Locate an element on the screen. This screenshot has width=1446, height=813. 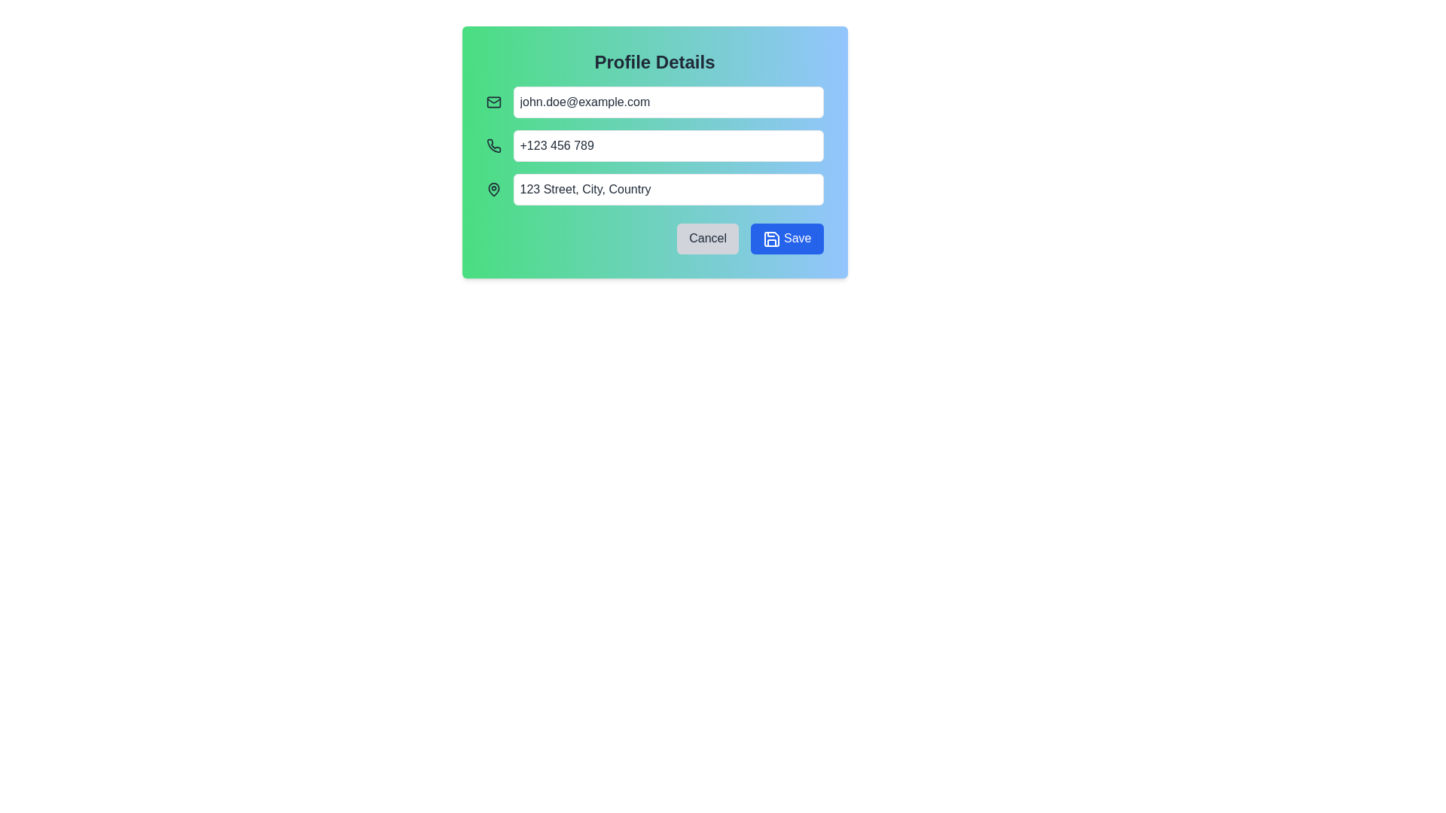
the 'Save' button icon at the bottom-right corner of the 'Profile Details' form is located at coordinates (772, 238).